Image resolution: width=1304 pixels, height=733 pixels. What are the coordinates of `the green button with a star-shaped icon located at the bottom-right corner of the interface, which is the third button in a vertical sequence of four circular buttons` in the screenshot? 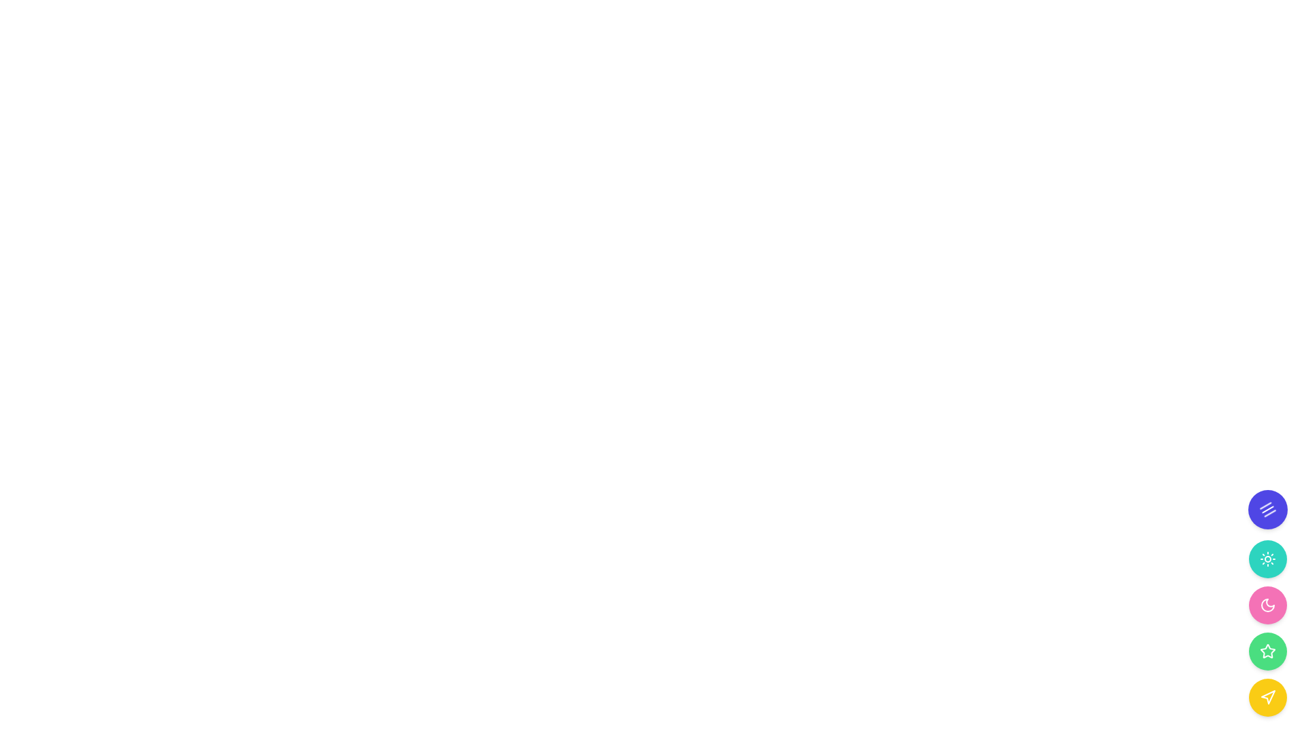 It's located at (1267, 628).